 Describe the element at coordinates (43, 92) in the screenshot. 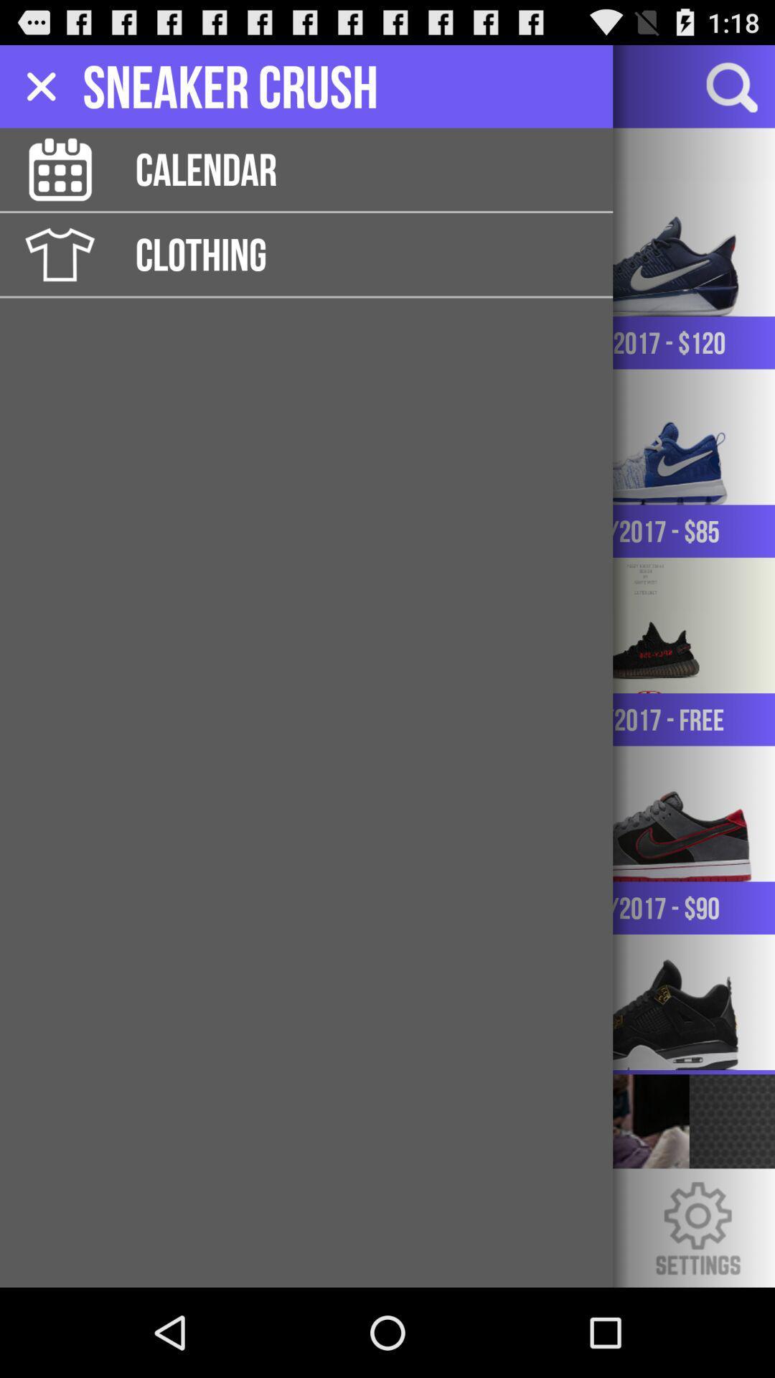

I see `the close icon` at that location.